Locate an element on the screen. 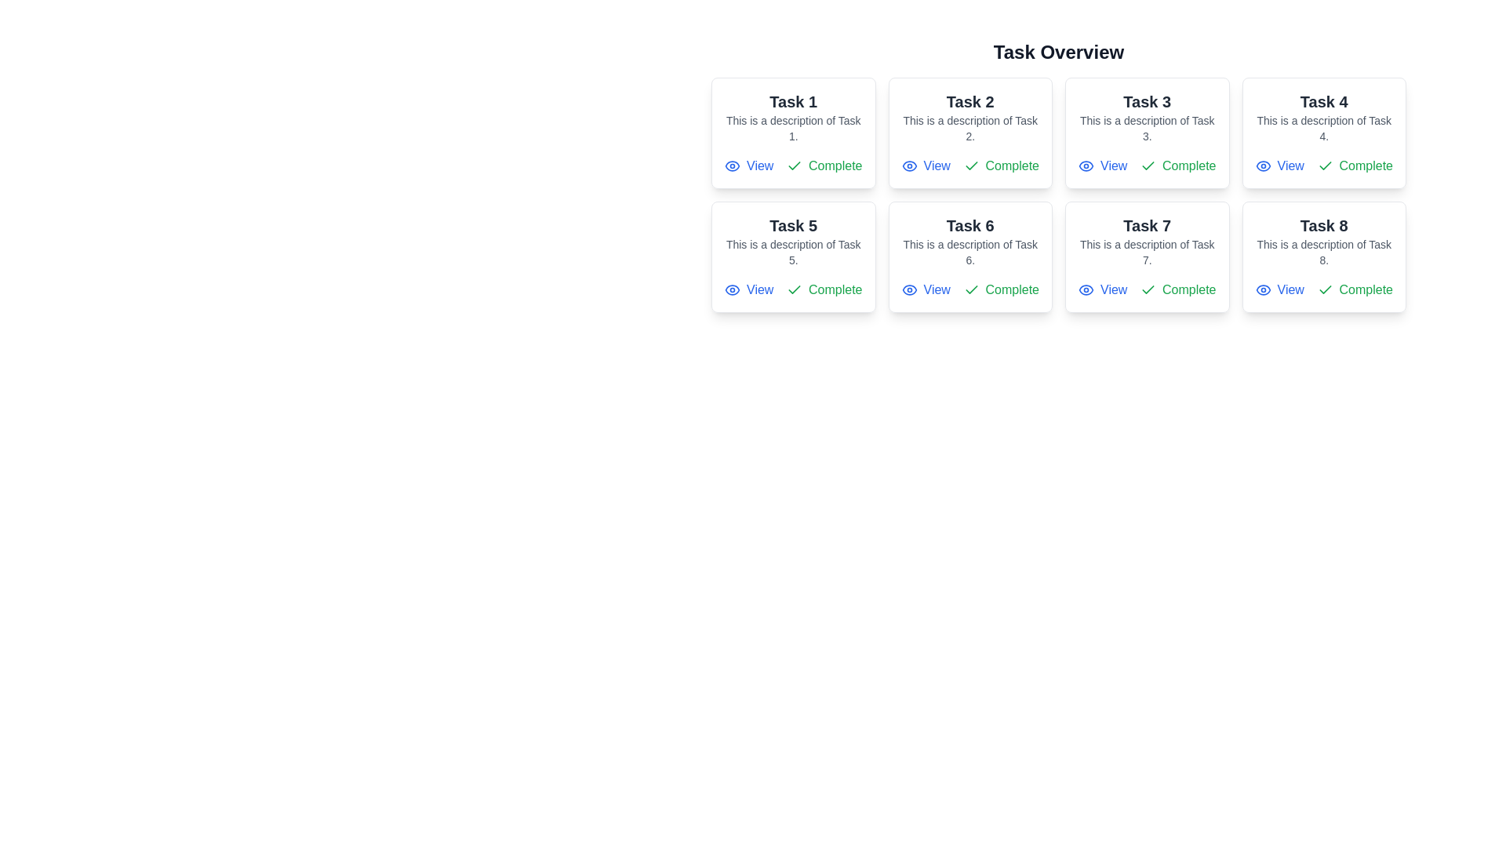 The width and height of the screenshot is (1506, 847). the outer curved contour of the eye-shaped icon representing the 'view' or 'visibility' function is located at coordinates (1086, 290).